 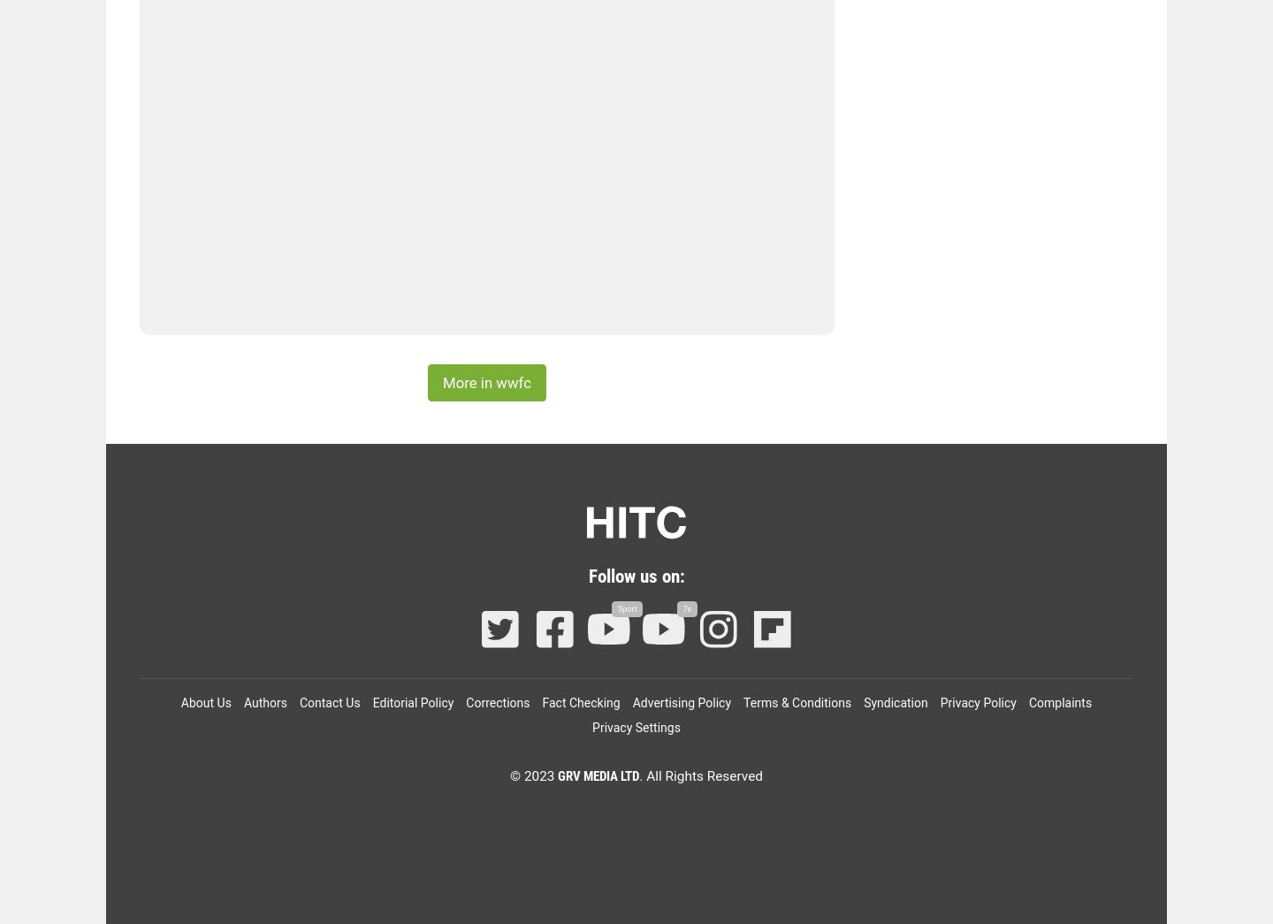 I want to click on 'Follow us on:', so click(x=636, y=576).